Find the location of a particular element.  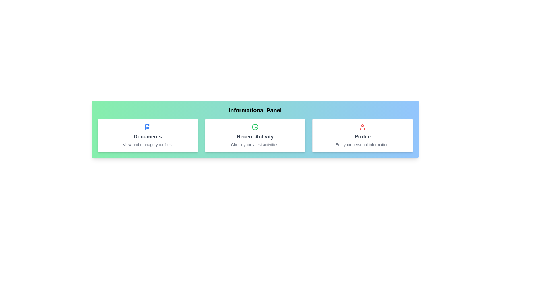

the informational card labeled Recent Activity is located at coordinates (255, 136).